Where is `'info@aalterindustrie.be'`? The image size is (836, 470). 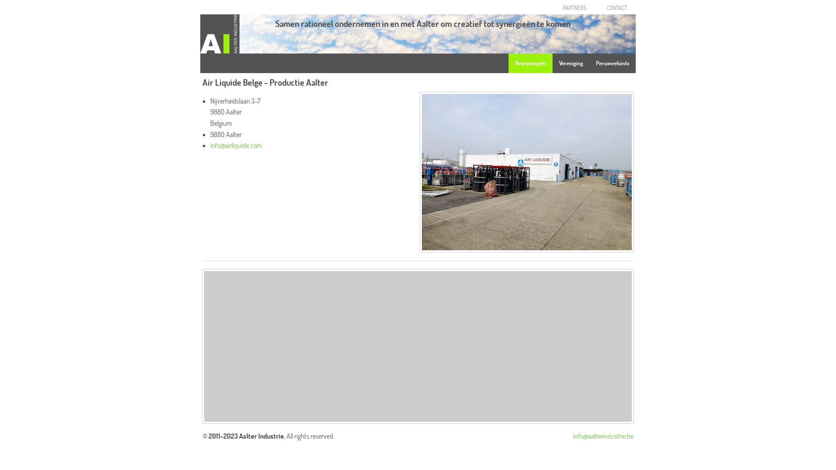
'info@aalterindustrie.be' is located at coordinates (573, 436).